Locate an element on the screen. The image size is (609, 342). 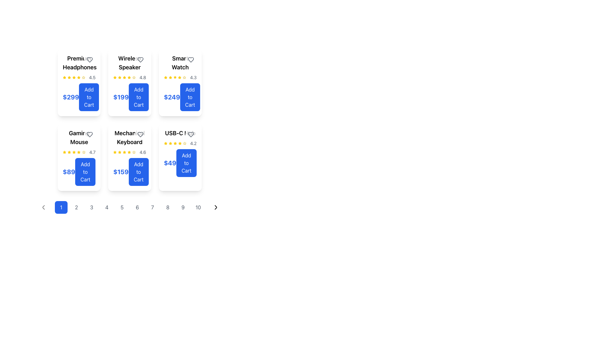
the second star icon in the rating system for the 'Gaming Mouse' product, which is styled with a yellow fill and border, located in the second row, first column of the grid layout is located at coordinates (74, 152).